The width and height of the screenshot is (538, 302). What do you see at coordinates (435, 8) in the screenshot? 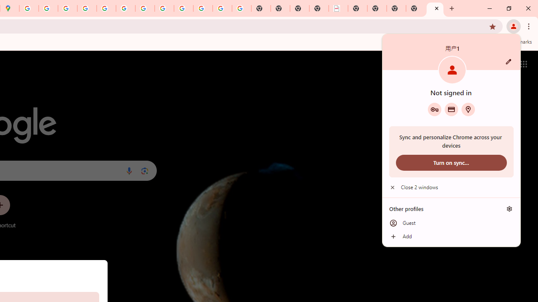
I see `'New Tab'` at bounding box center [435, 8].